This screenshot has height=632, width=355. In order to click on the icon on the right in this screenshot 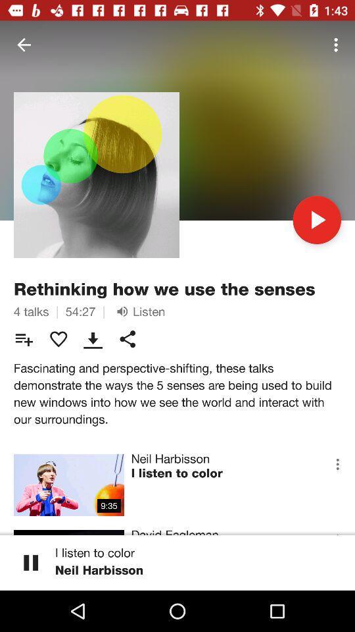, I will do `click(316, 220)`.